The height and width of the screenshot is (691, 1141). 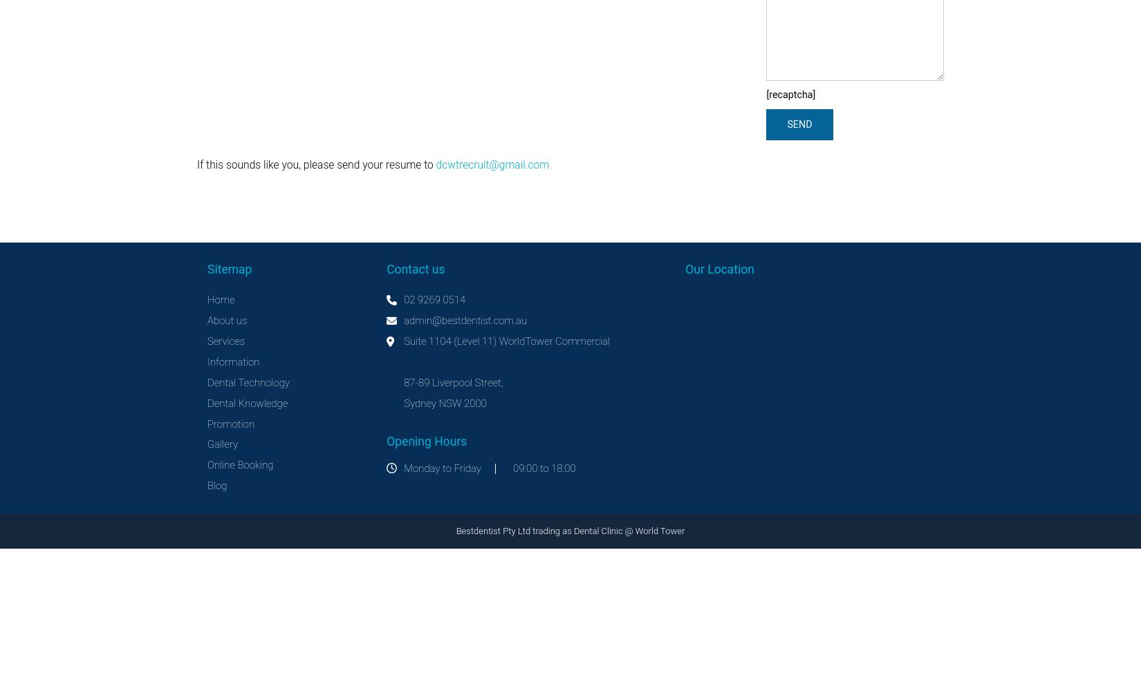 What do you see at coordinates (233, 361) in the screenshot?
I see `'Information'` at bounding box center [233, 361].